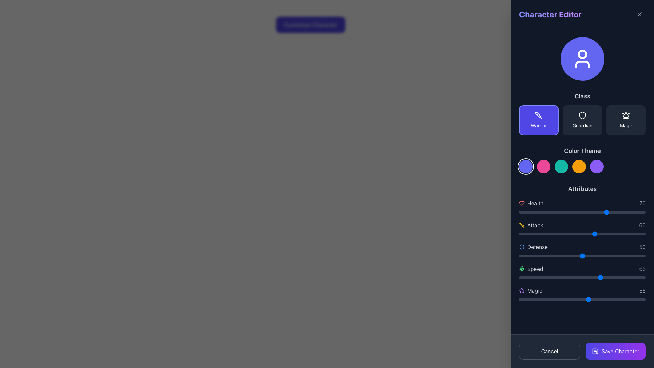 This screenshot has height=368, width=654. What do you see at coordinates (528, 212) in the screenshot?
I see `health value` at bounding box center [528, 212].